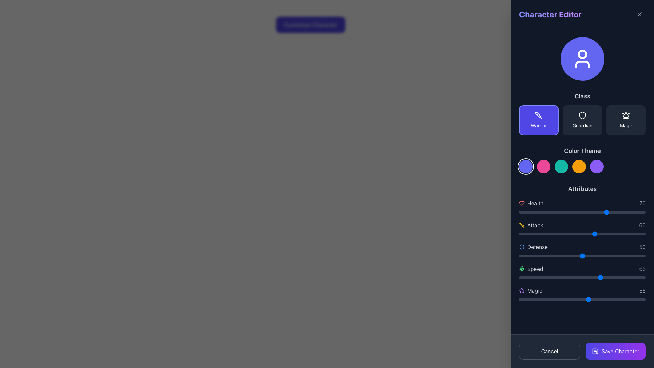 This screenshot has height=368, width=654. What do you see at coordinates (528, 212) in the screenshot?
I see `health value` at bounding box center [528, 212].